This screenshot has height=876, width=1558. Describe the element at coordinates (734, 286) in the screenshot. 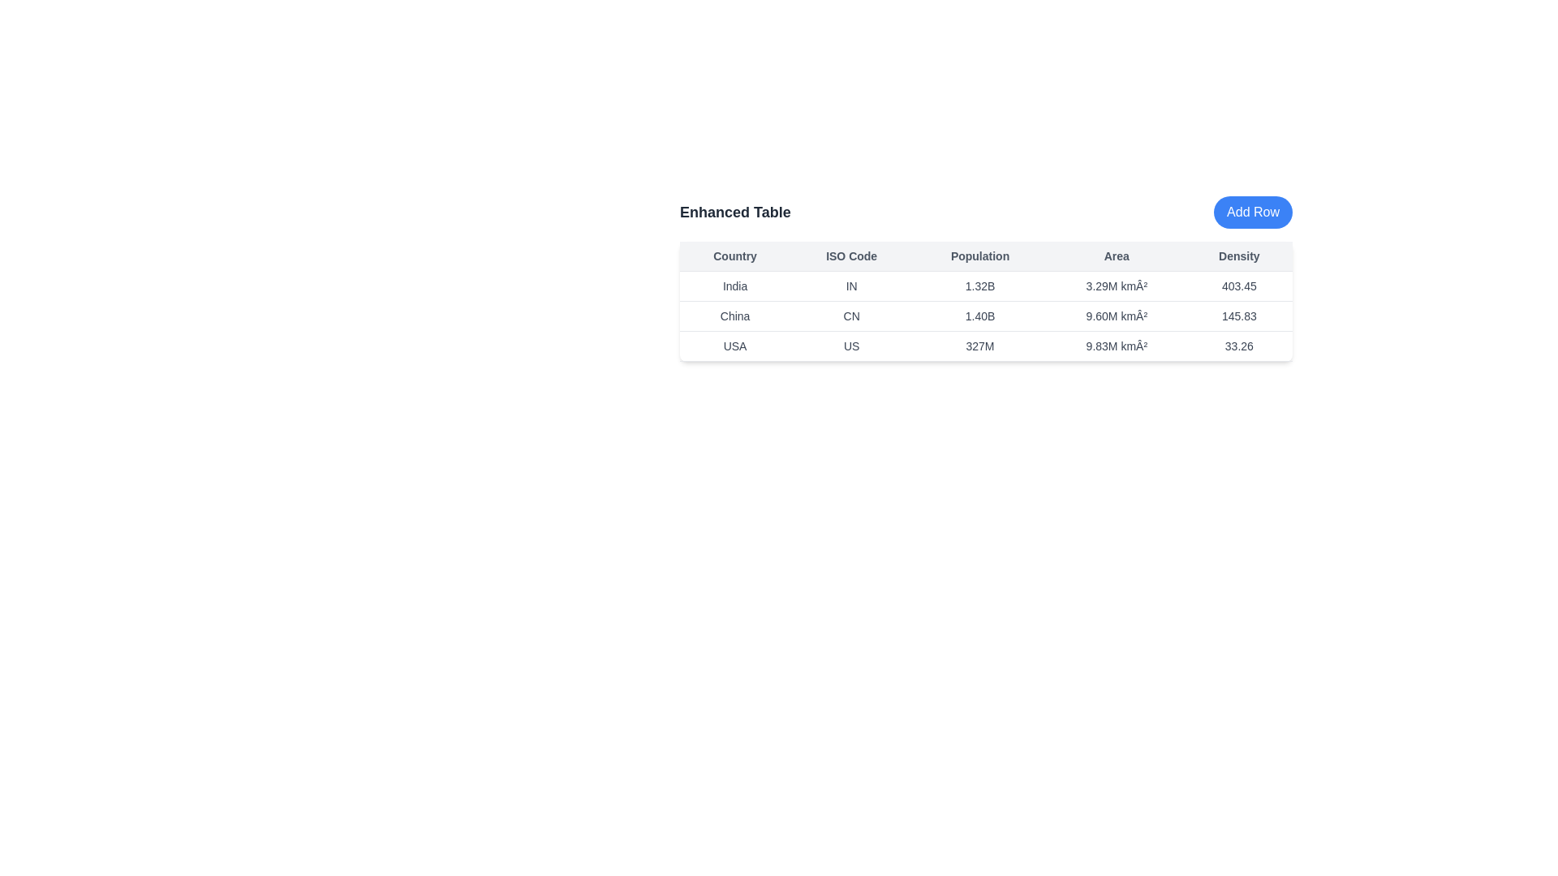

I see `the text 'India' displayed in a left-aligned sans-serif font within the light gray background of the first row and first column of the table, under the 'Country' header` at that location.